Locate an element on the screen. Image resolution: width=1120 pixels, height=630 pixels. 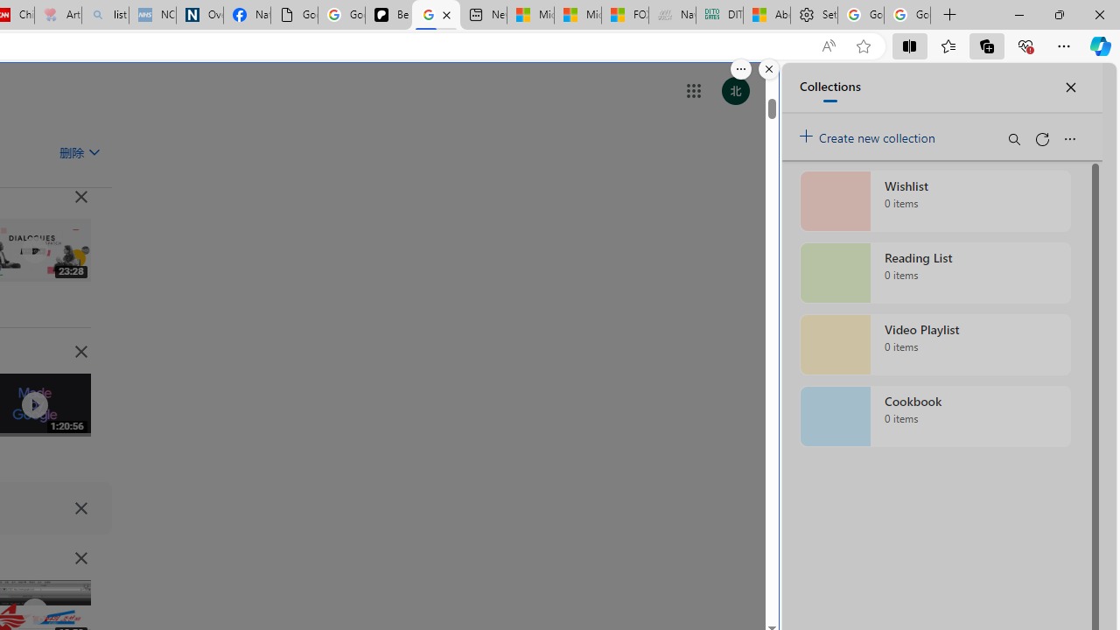
'Class: TjcpUd NMm5M' is located at coordinates (80, 557).